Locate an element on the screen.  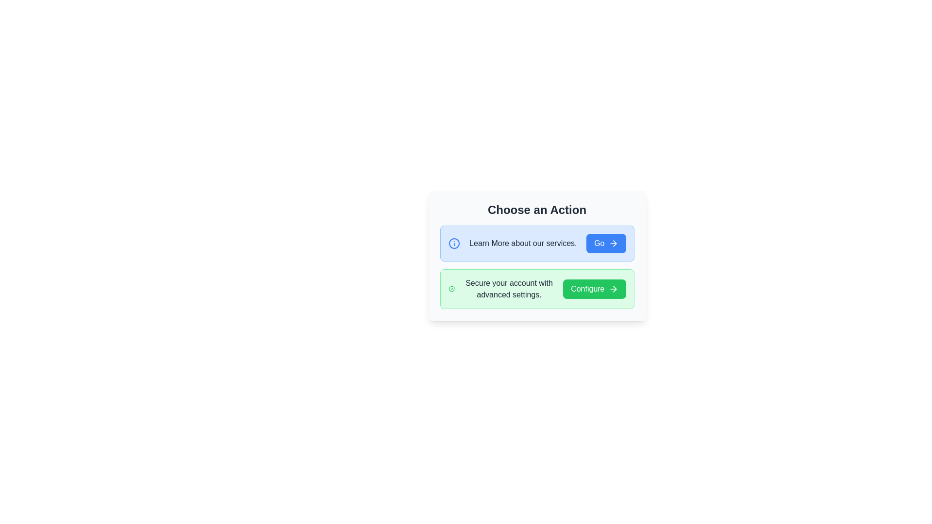
the small outlined blue circle icon located to the left of the 'Learn More about our services.' text for accessibility purposes is located at coordinates (453, 243).